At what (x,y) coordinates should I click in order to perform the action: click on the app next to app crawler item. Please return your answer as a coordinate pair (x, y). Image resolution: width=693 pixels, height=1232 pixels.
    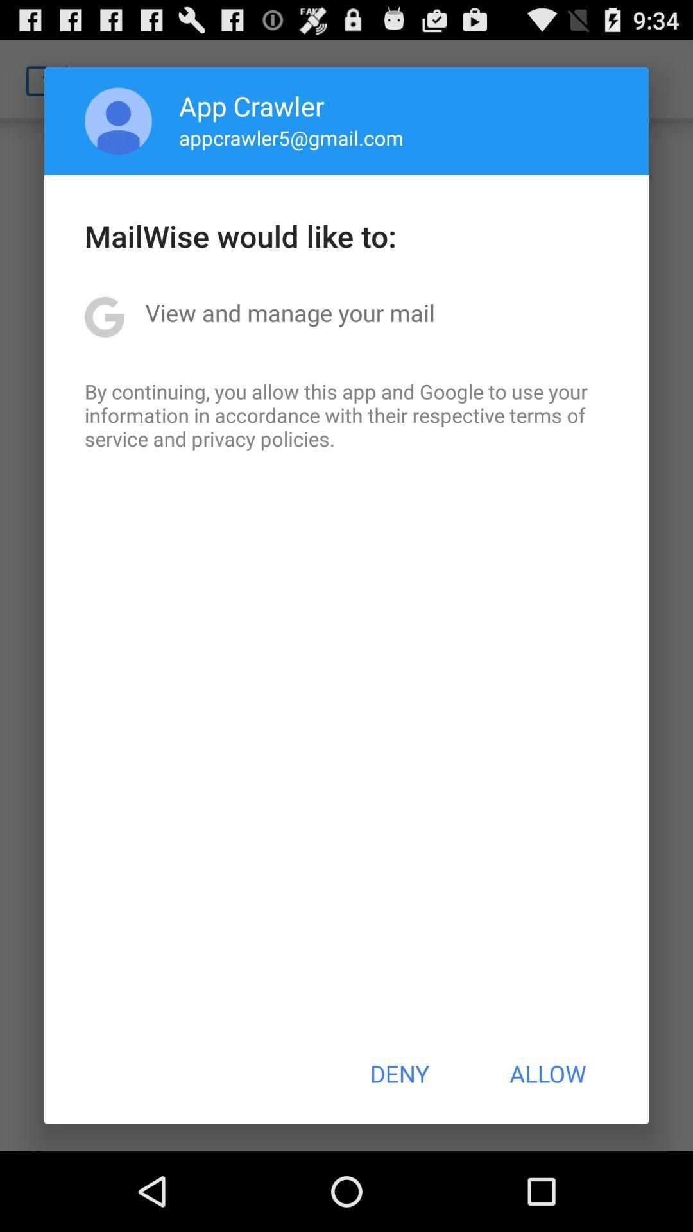
    Looking at the image, I should click on (118, 121).